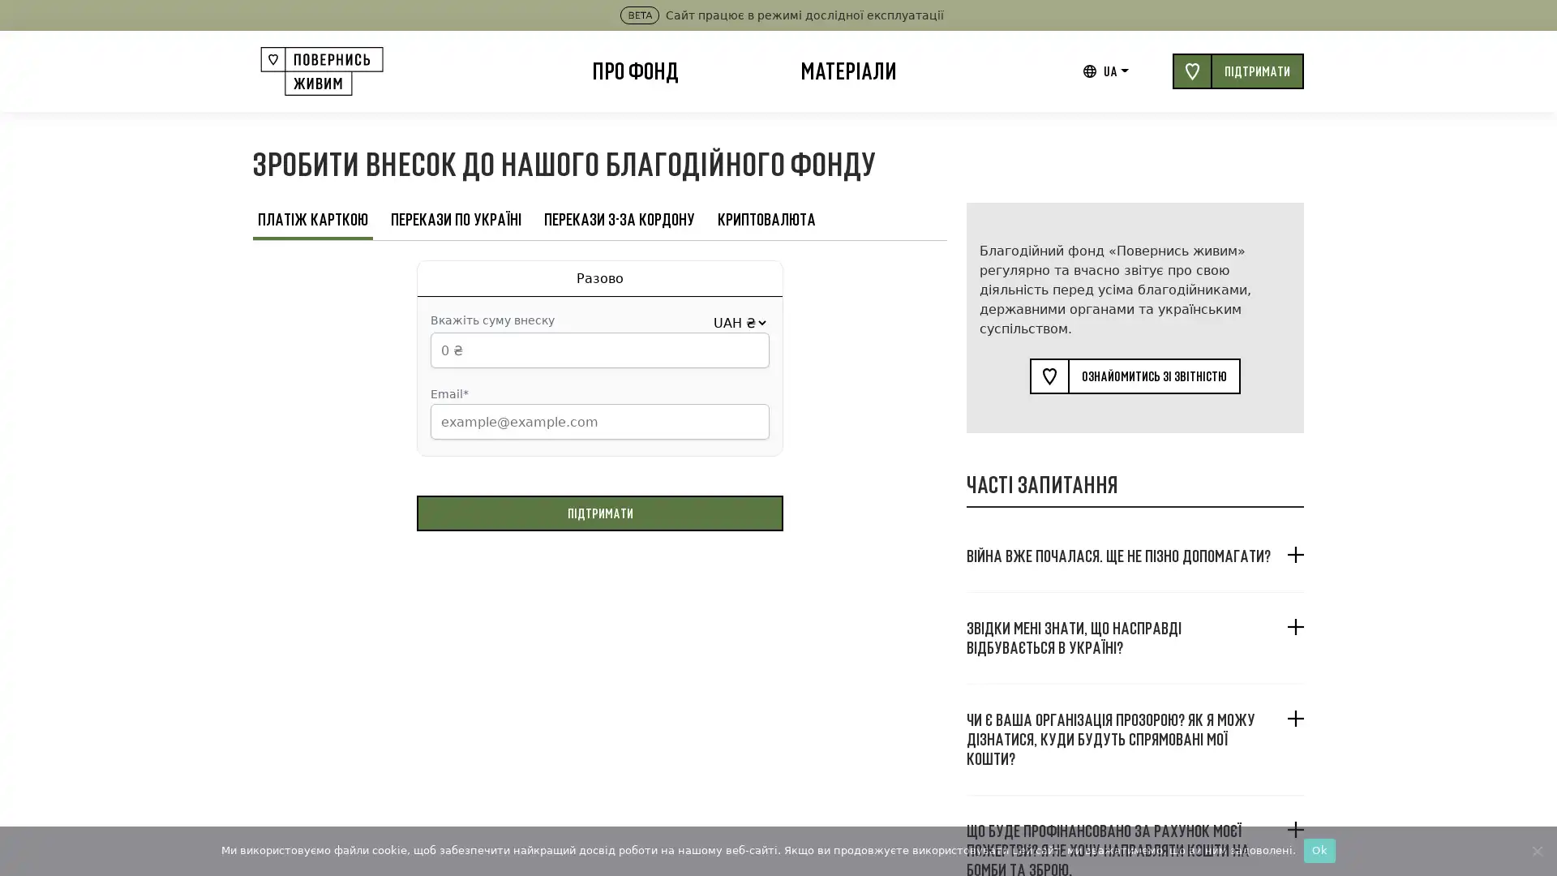  What do you see at coordinates (1135, 555) in the screenshot?
I see `.    ?` at bounding box center [1135, 555].